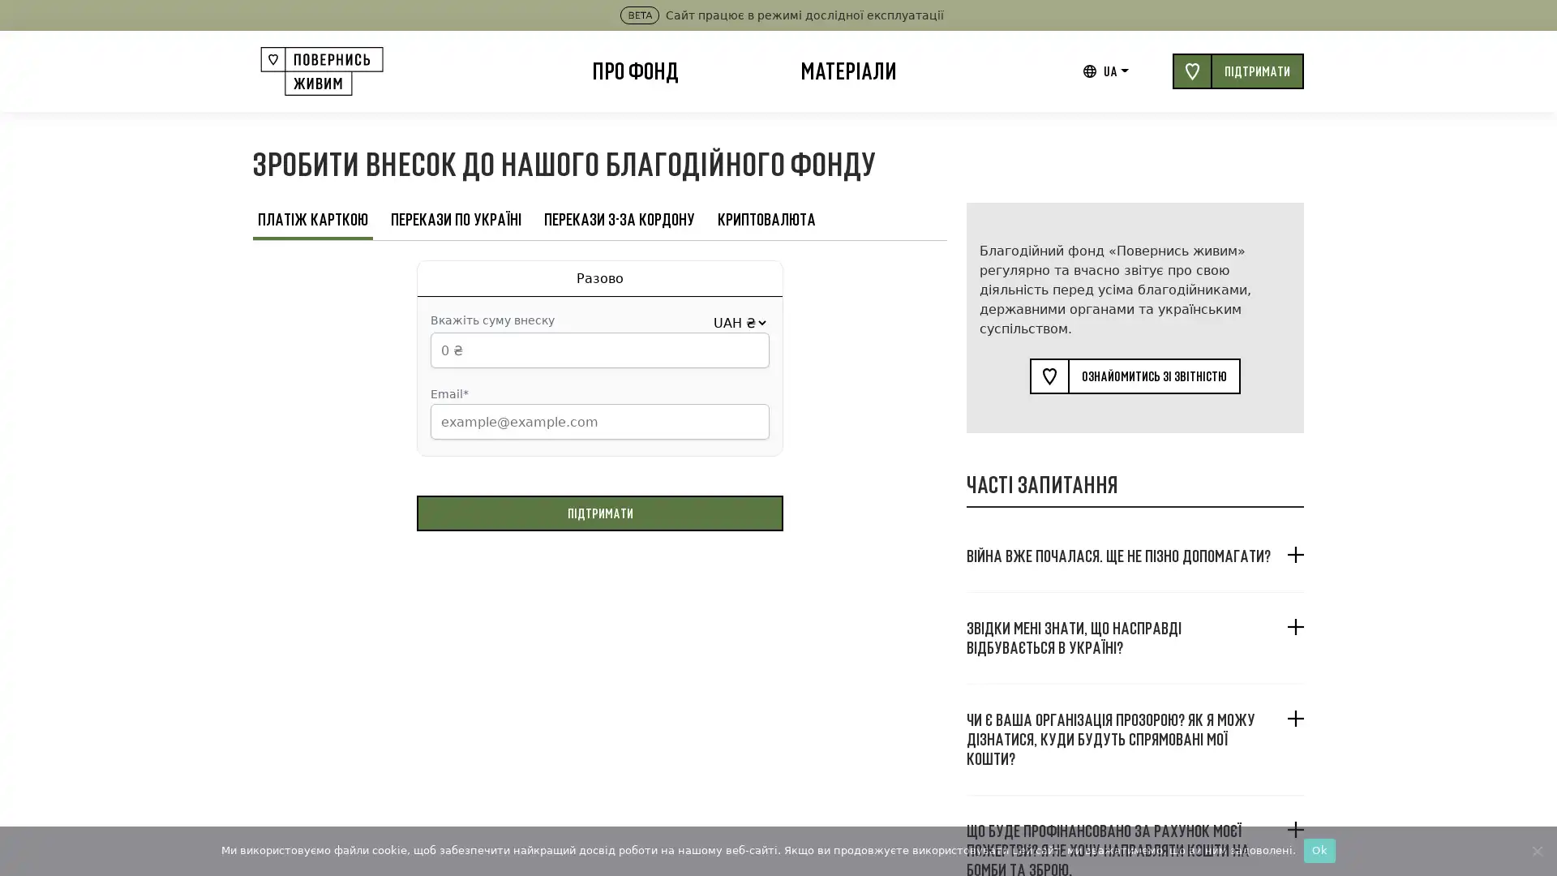  What do you see at coordinates (1135, 555) in the screenshot?
I see `.    ?` at bounding box center [1135, 555].